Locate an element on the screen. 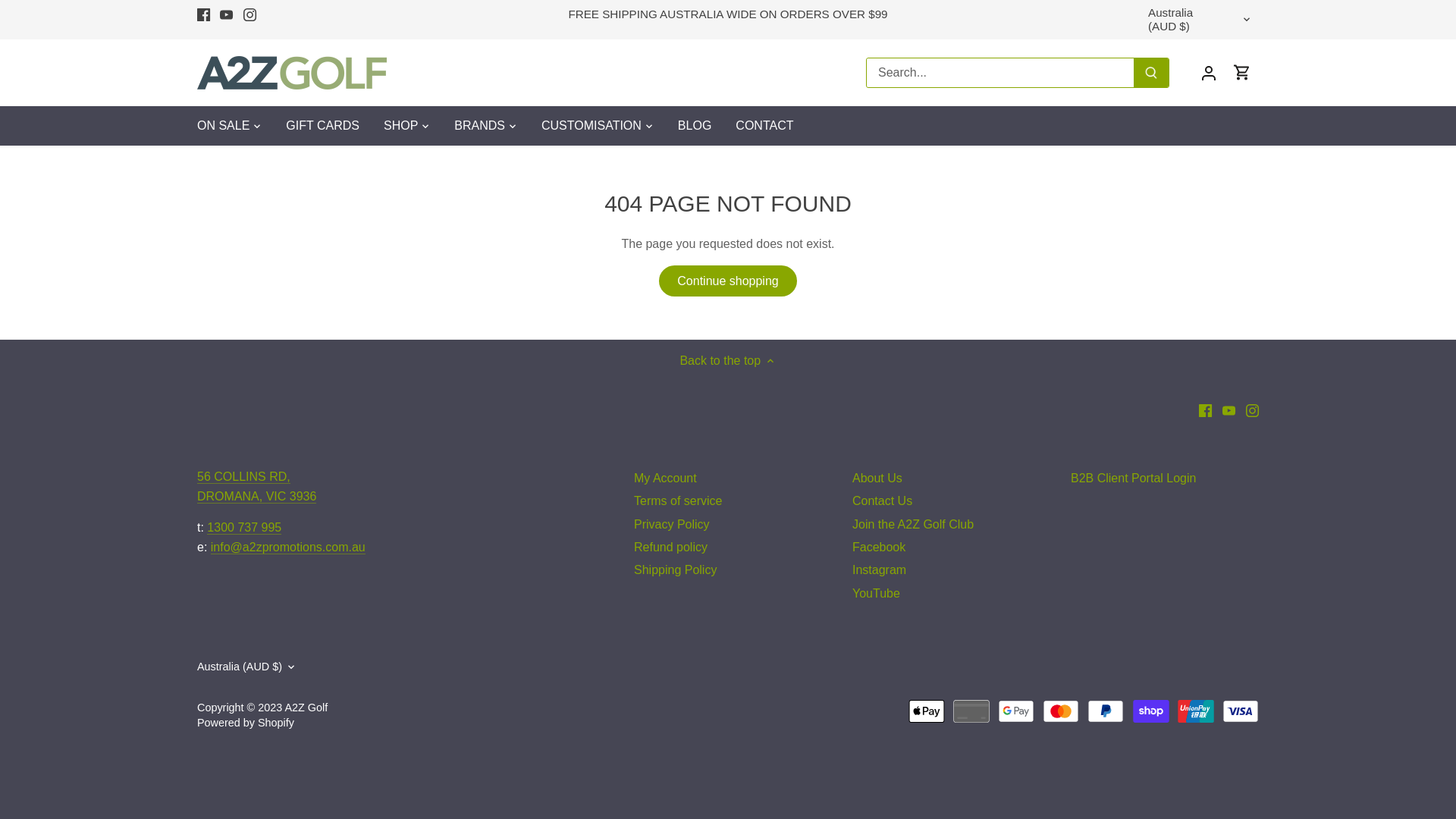  'Contact Us' is located at coordinates (882, 500).